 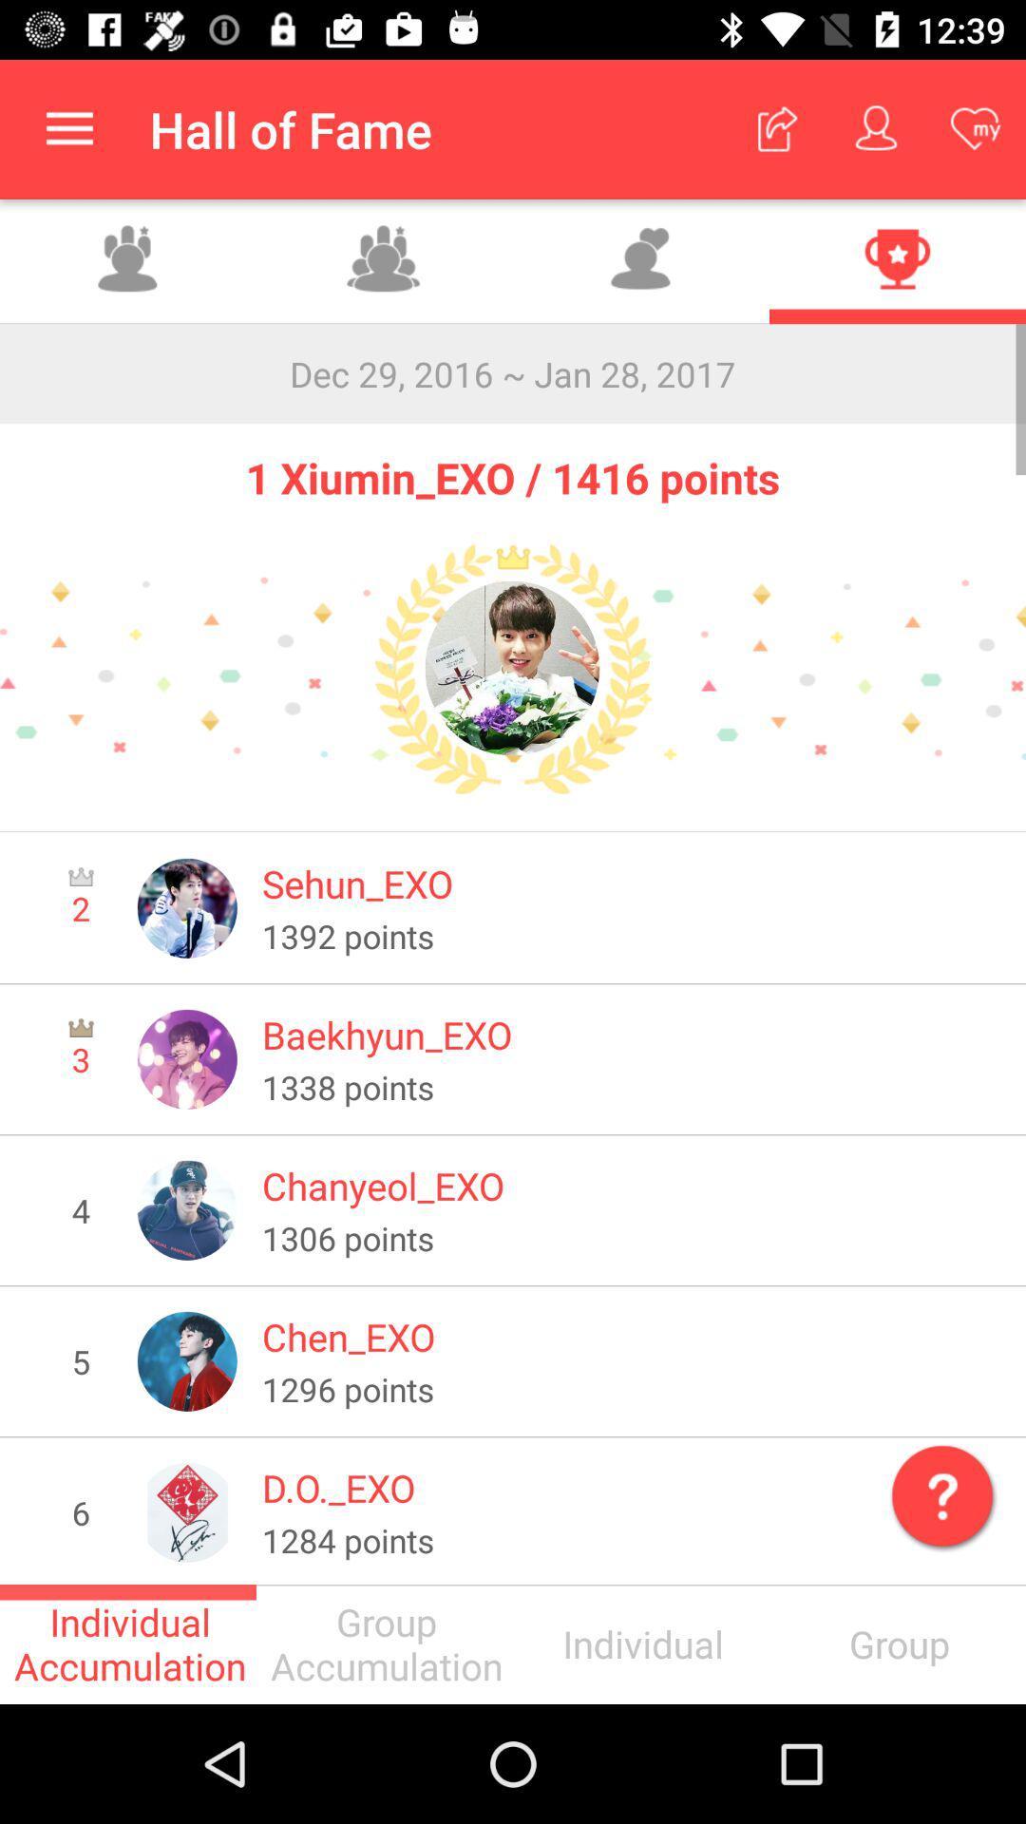 What do you see at coordinates (898, 1643) in the screenshot?
I see `the text just below  mark` at bounding box center [898, 1643].